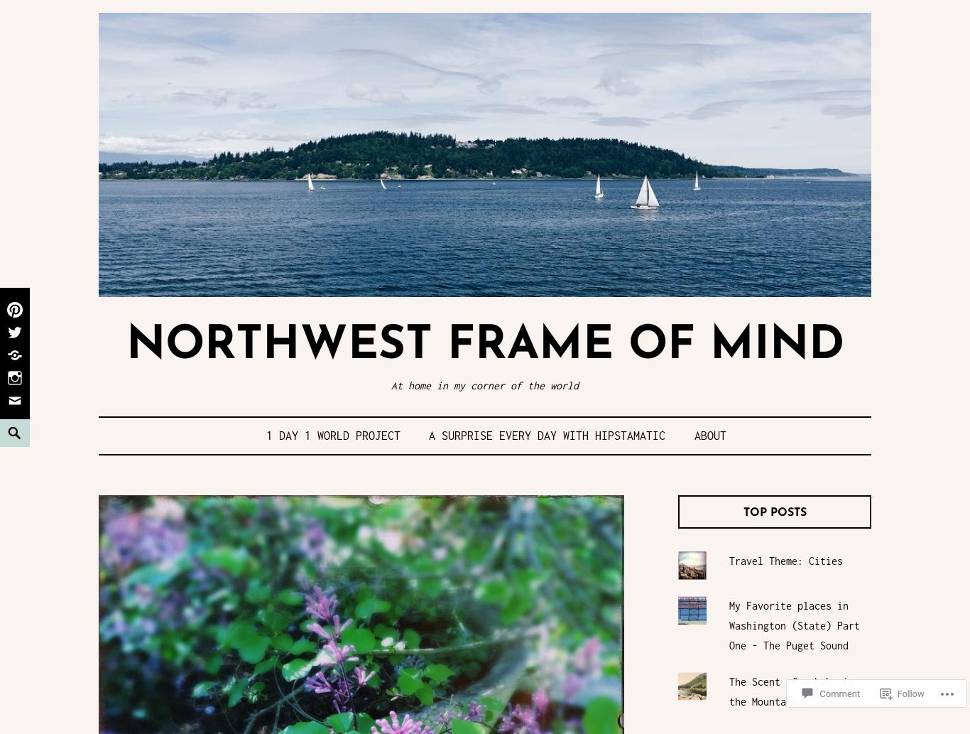 The image size is (970, 734). What do you see at coordinates (332, 433) in the screenshot?
I see `'1 Day 1 World Project'` at bounding box center [332, 433].